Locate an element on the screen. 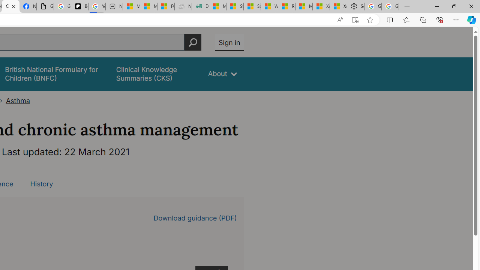 The height and width of the screenshot is (270, 480). 'Google Analytics Opt-out Browser Add-on Download Page' is located at coordinates (45, 6).